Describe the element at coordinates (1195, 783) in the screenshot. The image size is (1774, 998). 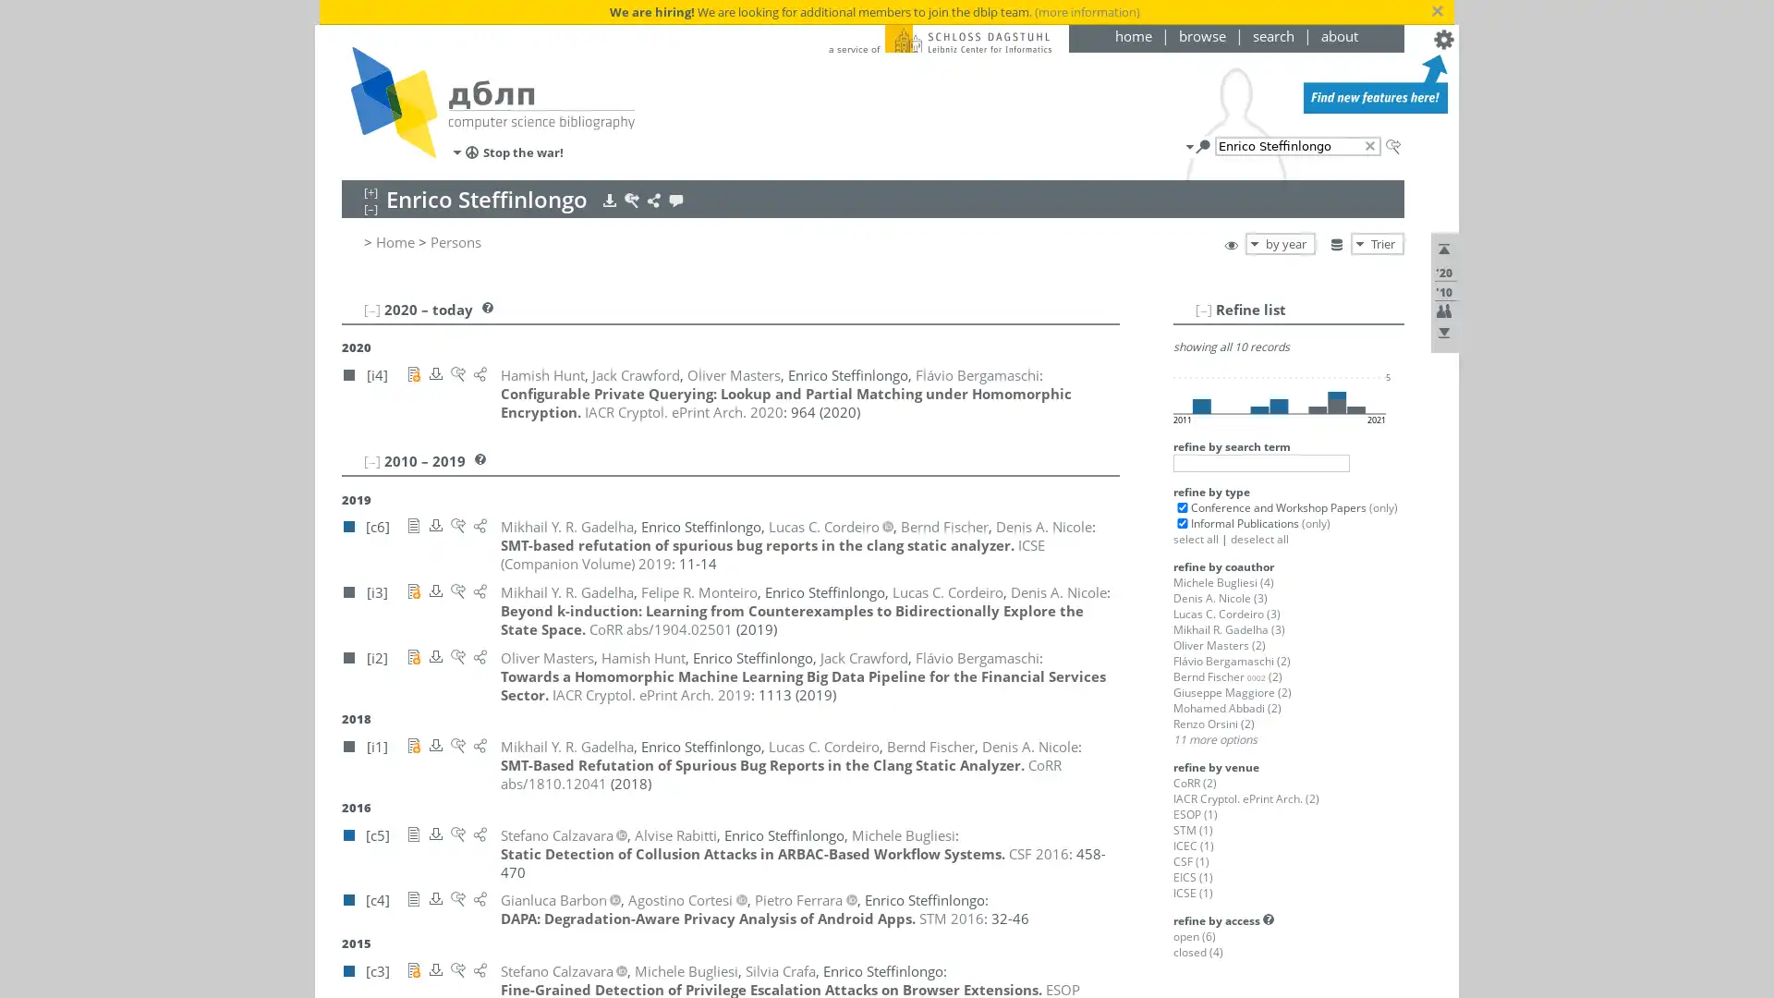
I see `CoRR (2)` at that location.